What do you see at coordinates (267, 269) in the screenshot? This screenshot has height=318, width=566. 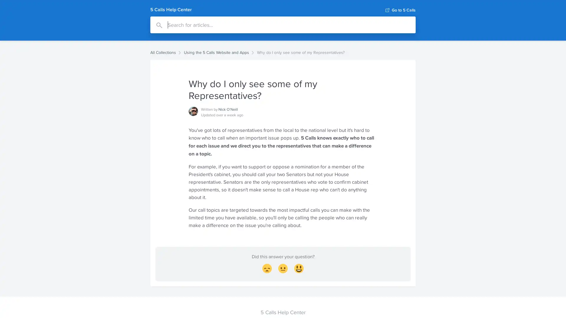 I see `Disappointed Reaction` at bounding box center [267, 269].